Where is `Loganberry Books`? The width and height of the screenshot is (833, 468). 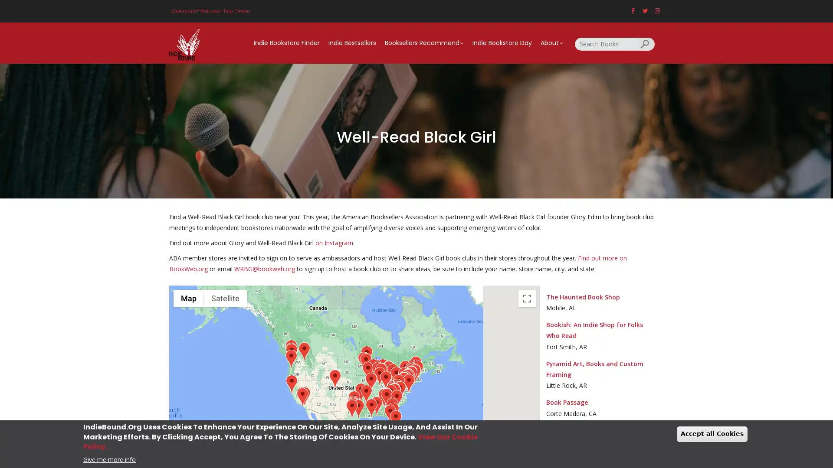
Loganberry Books is located at coordinates (392, 372).